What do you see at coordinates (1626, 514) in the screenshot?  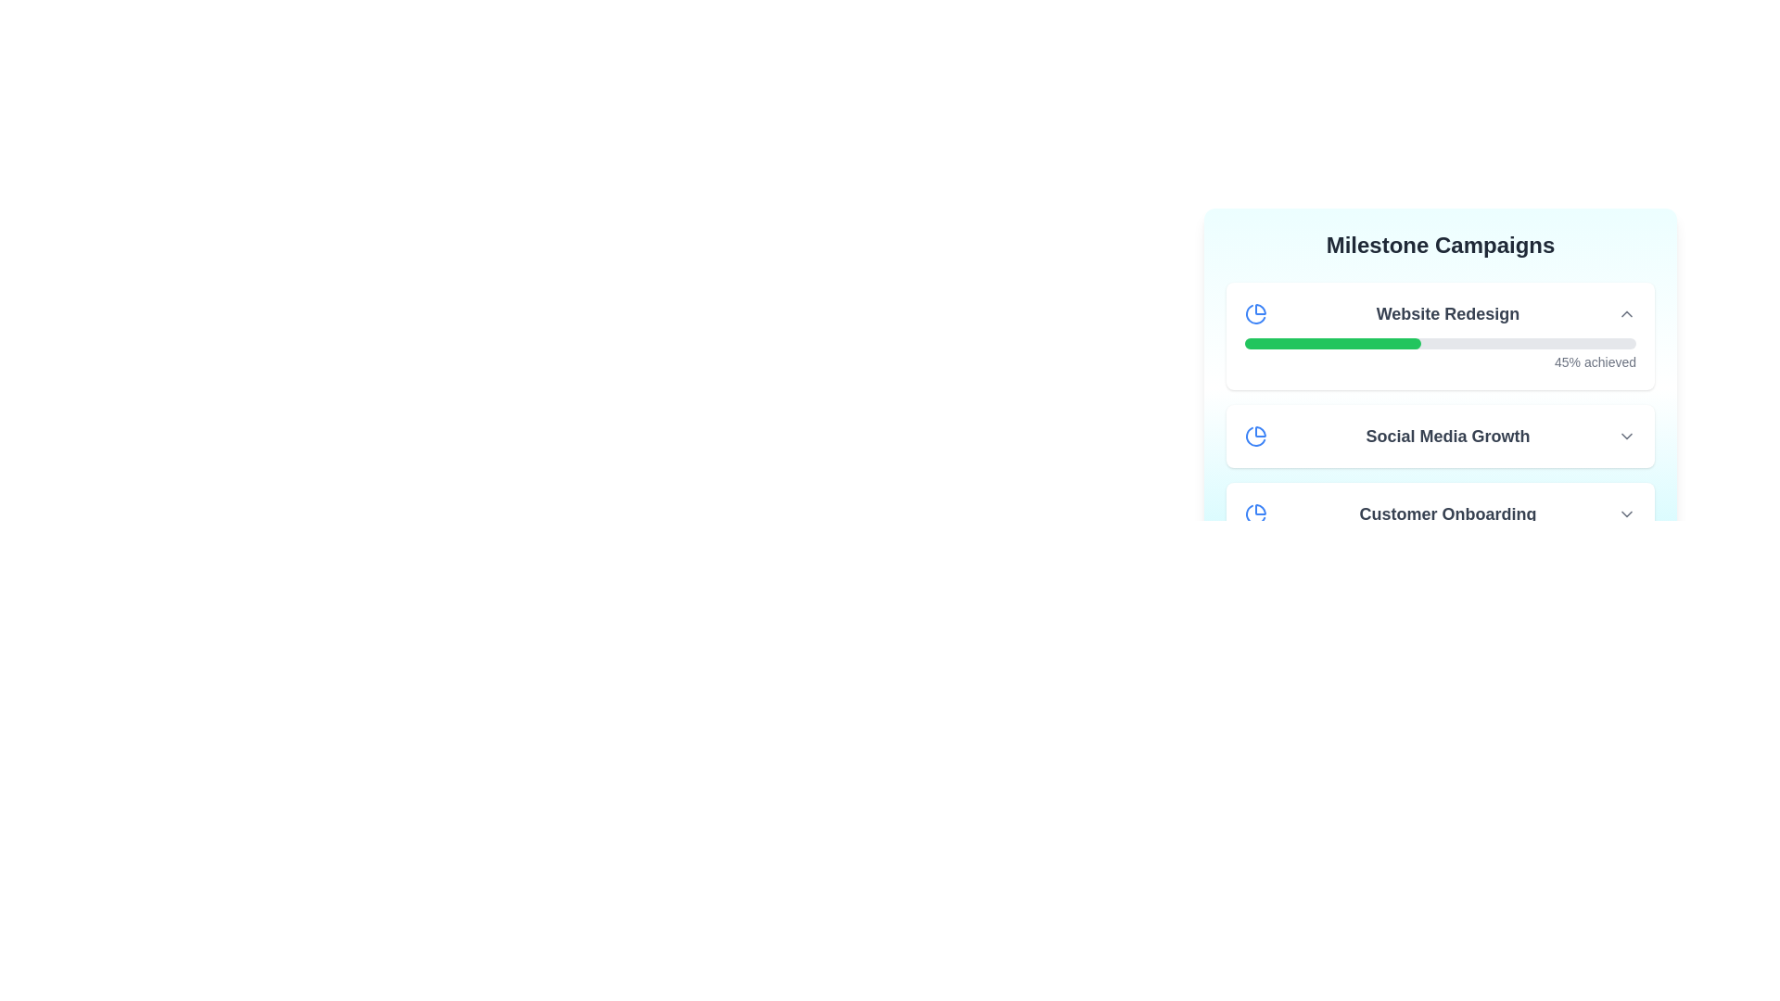 I see `the downward-pointing chevron icon at the end of the 'Customer Onboarding' row` at bounding box center [1626, 514].